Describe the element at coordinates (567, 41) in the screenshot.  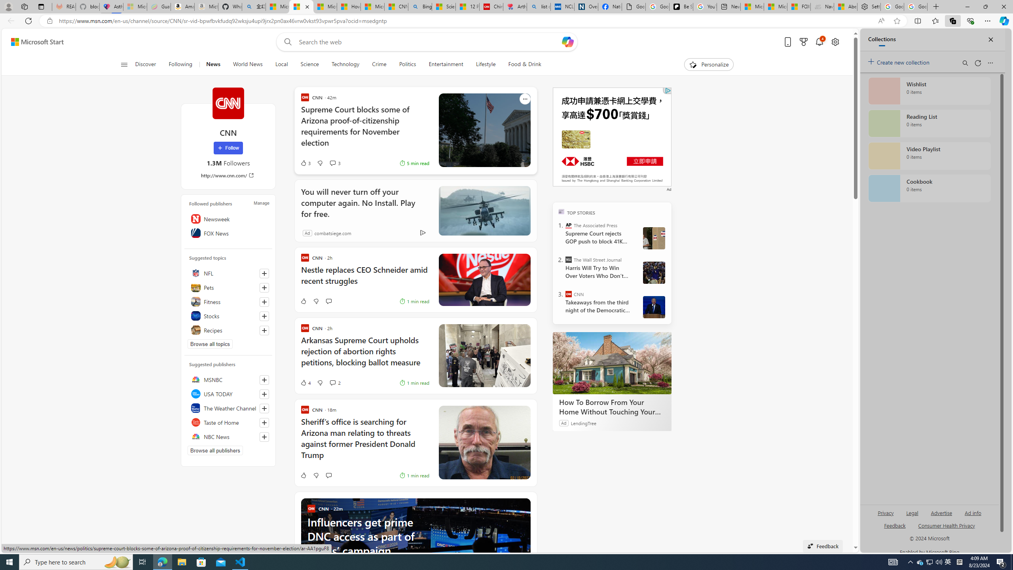
I see `'Open Copilot'` at that location.